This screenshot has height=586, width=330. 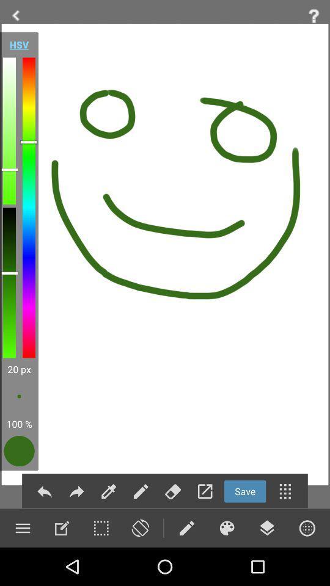 I want to click on edit the paint, so click(x=61, y=527).